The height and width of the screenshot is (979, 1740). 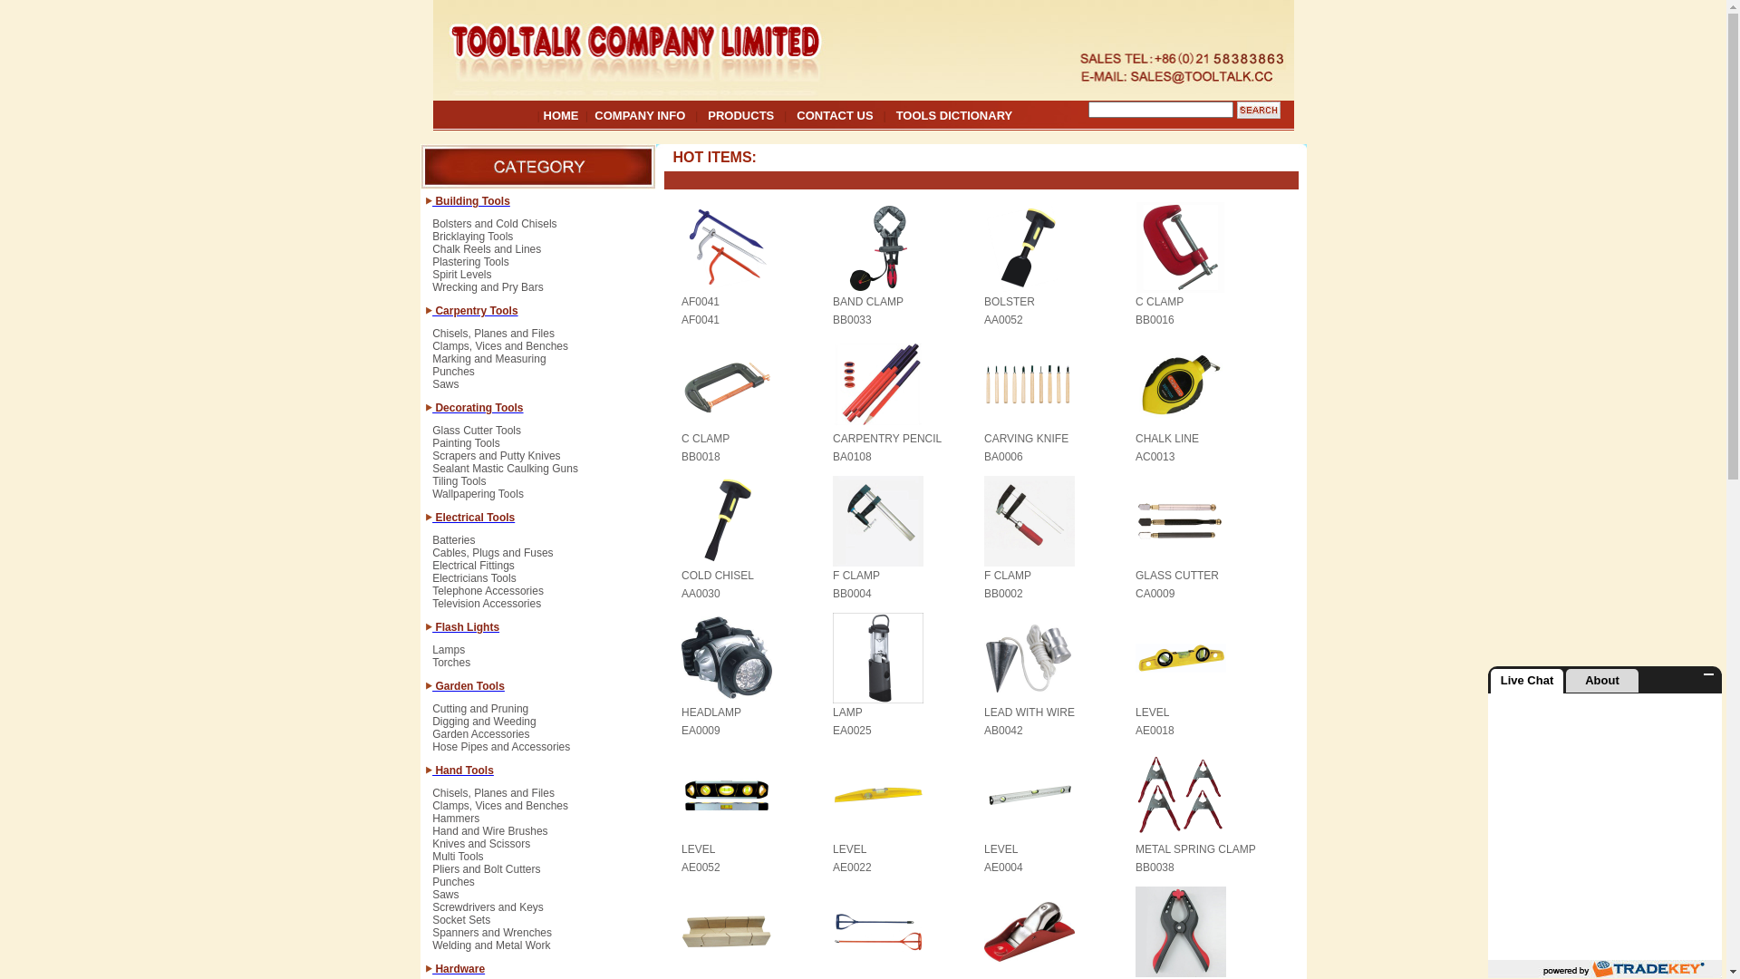 What do you see at coordinates (1007, 576) in the screenshot?
I see `'F CLAMP'` at bounding box center [1007, 576].